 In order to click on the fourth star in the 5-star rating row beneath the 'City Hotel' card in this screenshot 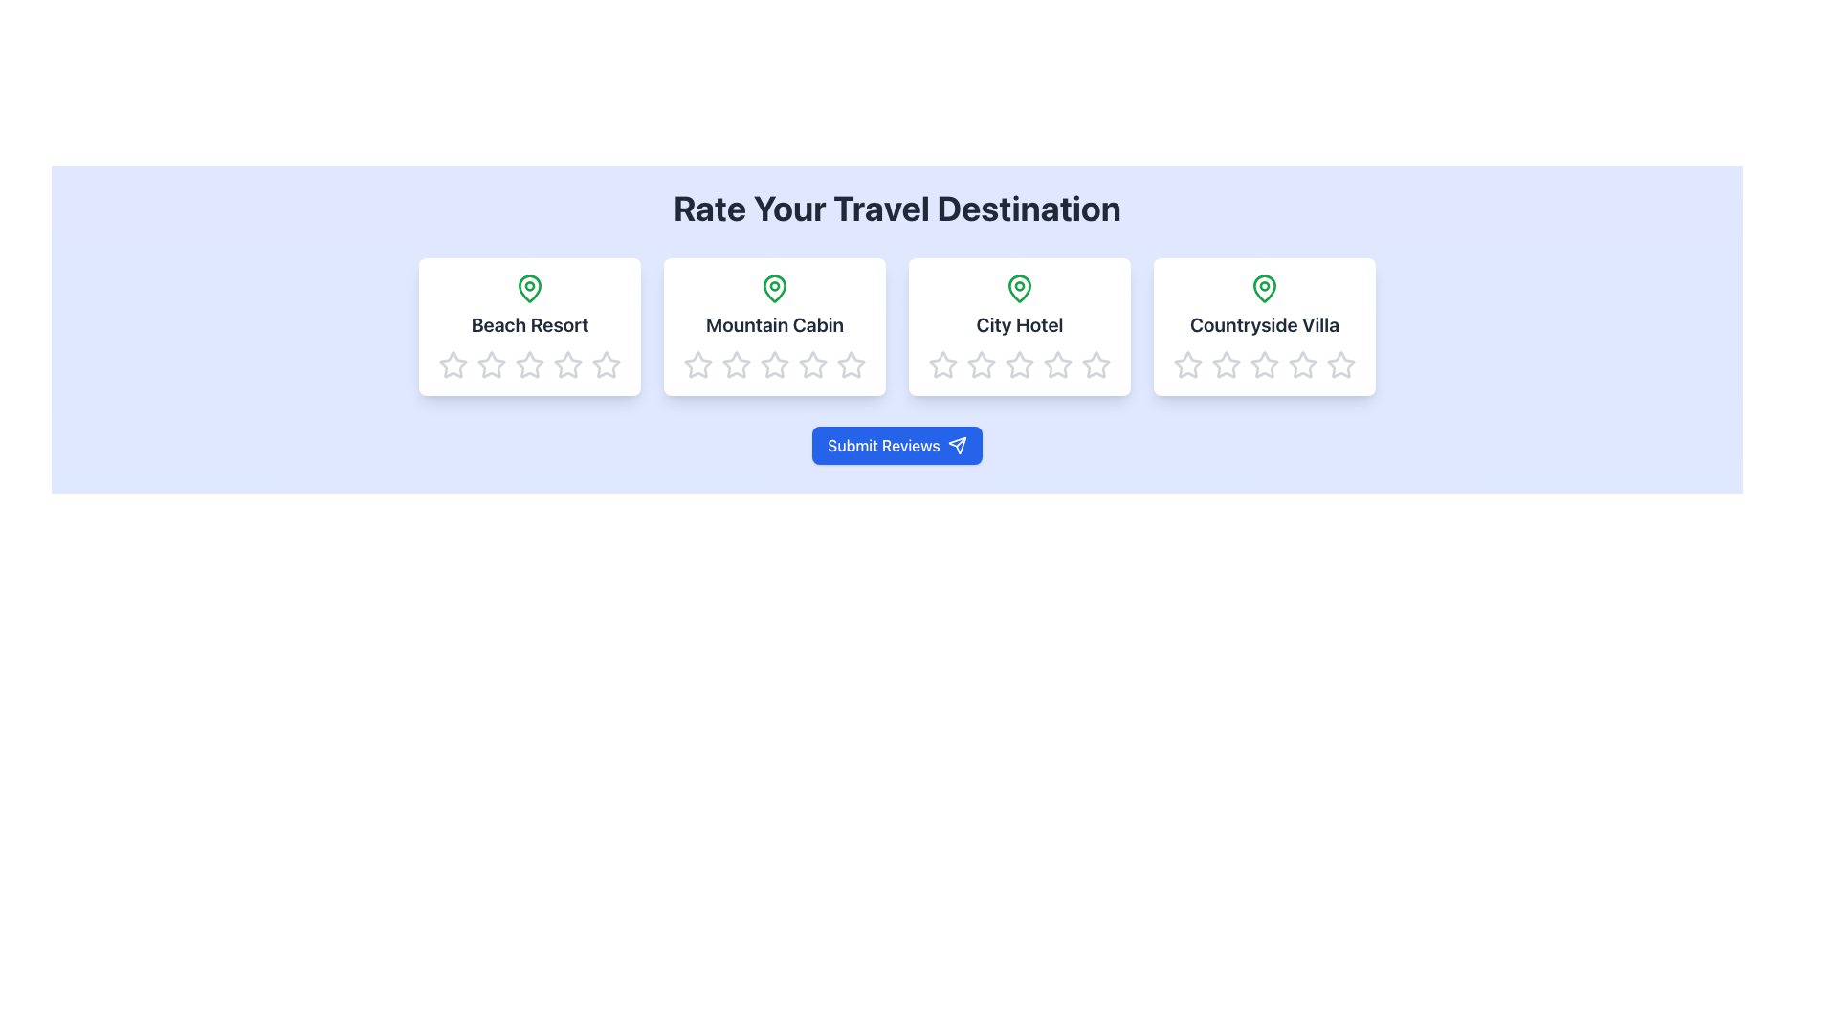, I will do `click(1056, 364)`.